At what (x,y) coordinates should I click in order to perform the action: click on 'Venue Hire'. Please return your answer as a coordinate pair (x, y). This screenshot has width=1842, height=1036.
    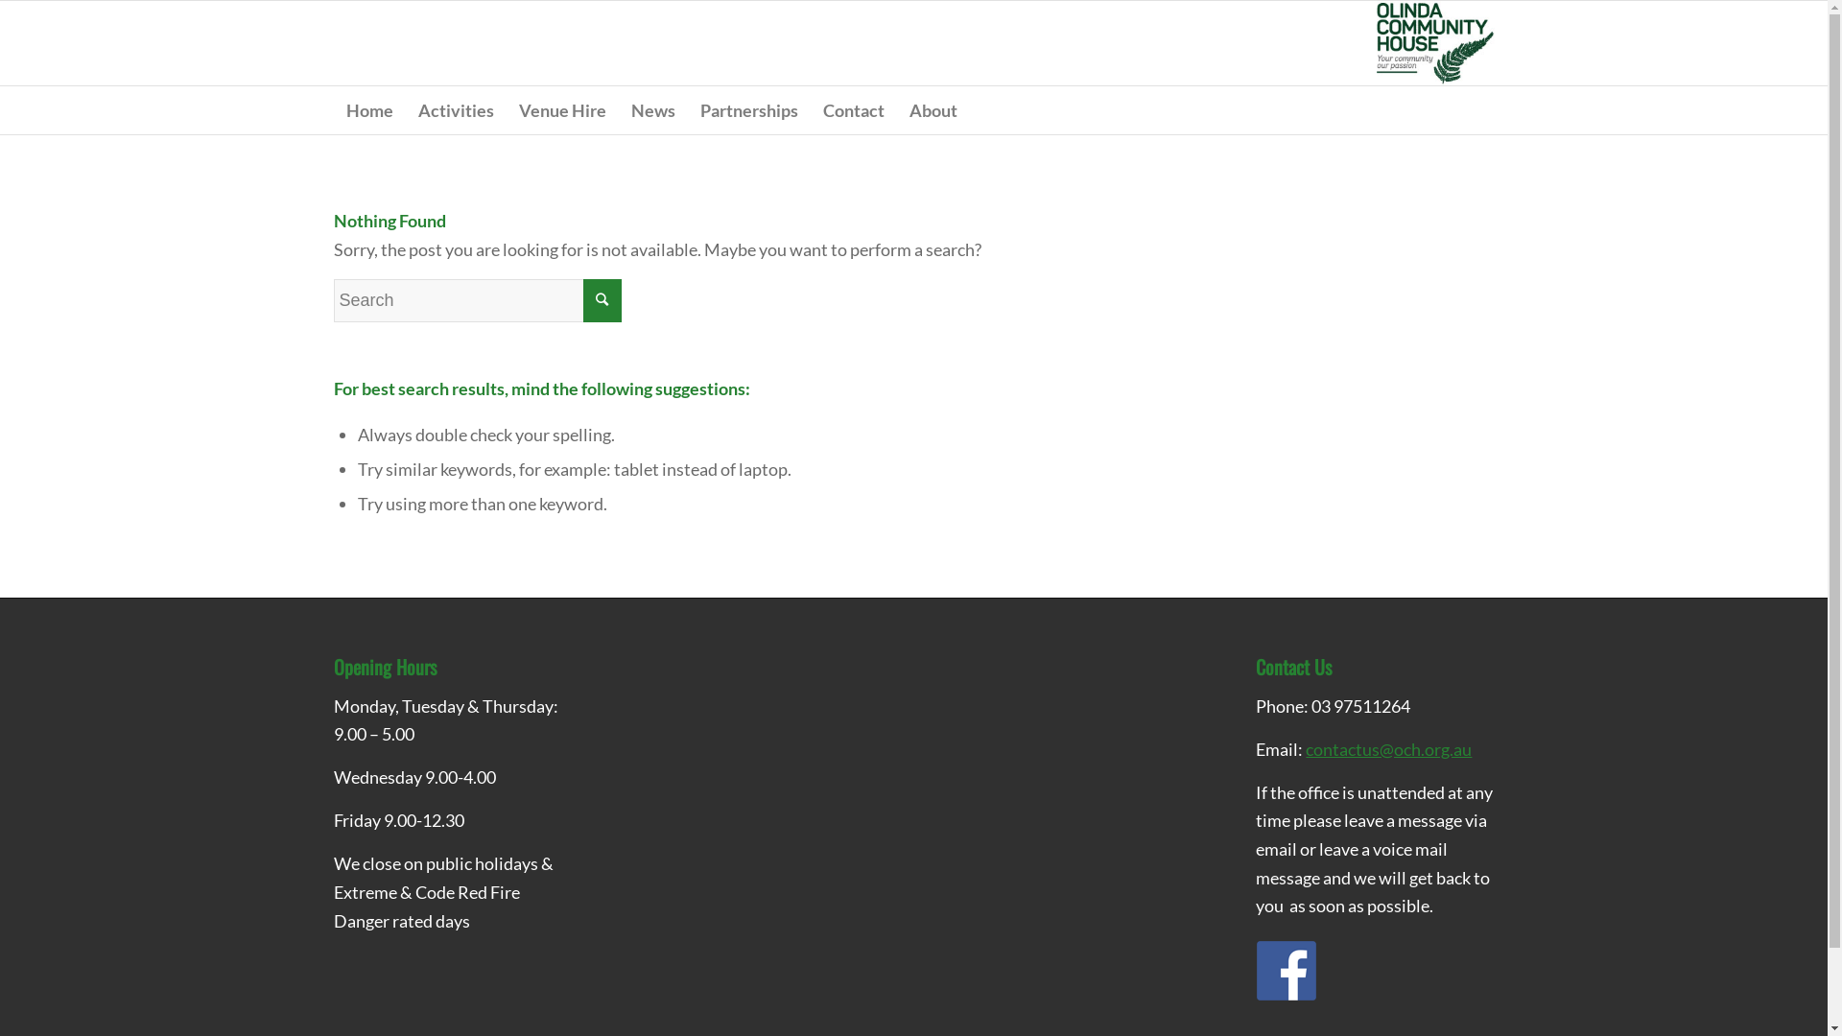
    Looking at the image, I should click on (561, 110).